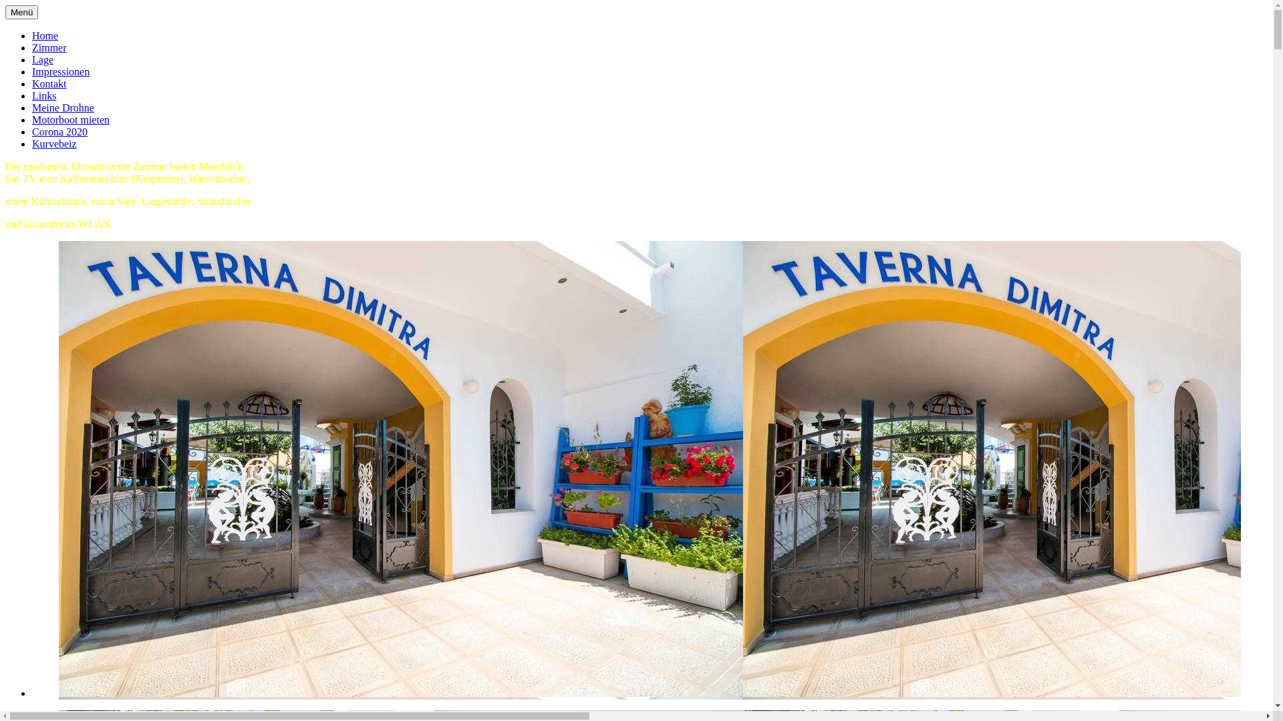  What do you see at coordinates (45, 35) in the screenshot?
I see `'Home'` at bounding box center [45, 35].